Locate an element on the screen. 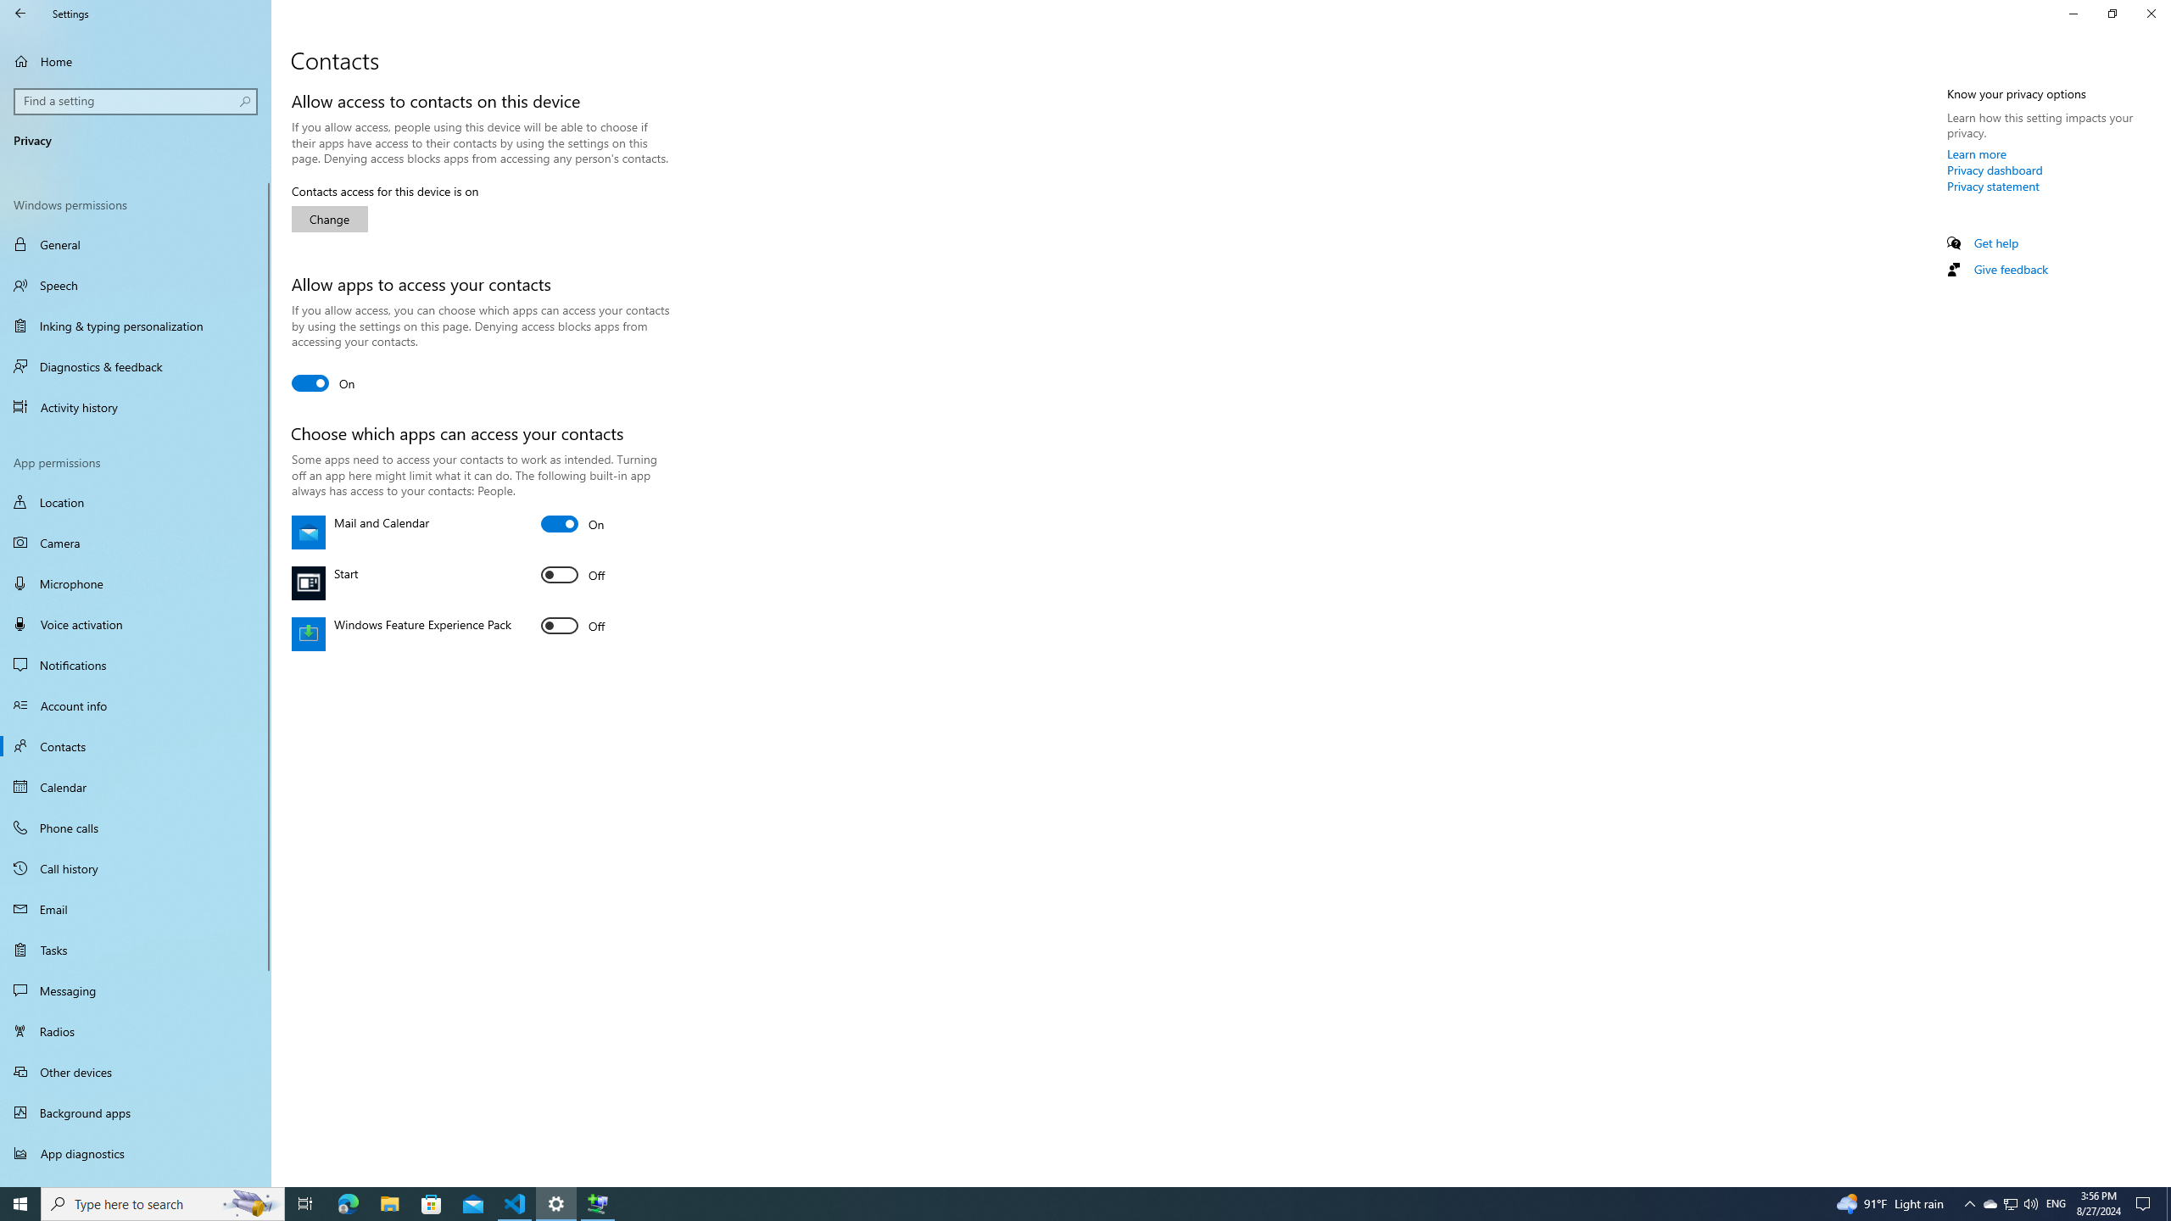 Image resolution: width=2171 pixels, height=1221 pixels. 'Call history' is located at coordinates (135, 867).